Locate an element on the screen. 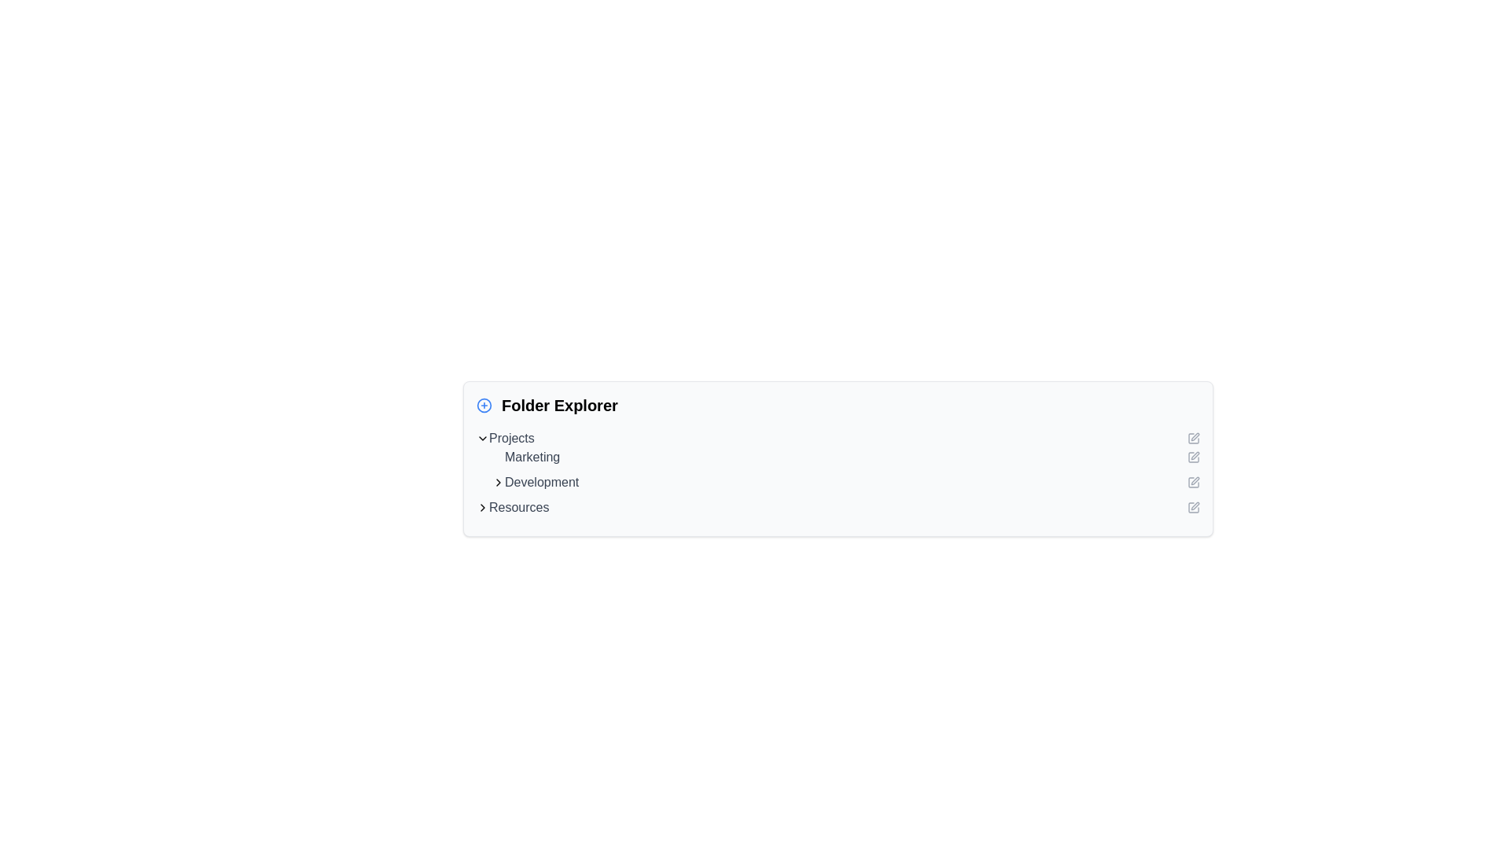 The width and height of the screenshot is (1510, 849). the small square icon with a pen illustration, located adjacent to the text 'Marketing' is located at coordinates (1193, 458).